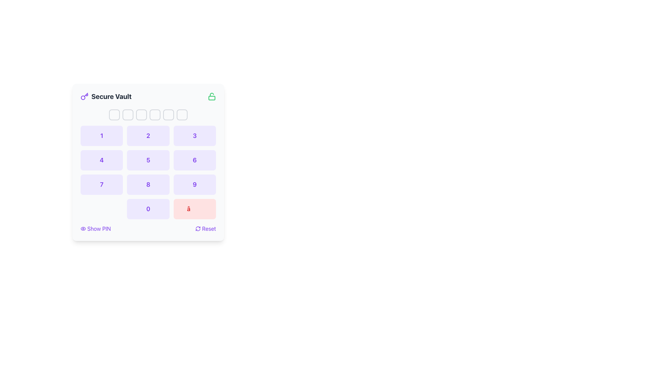 The width and height of the screenshot is (650, 366). Describe the element at coordinates (194, 136) in the screenshot. I see `the numeric keypad button that inputs '3', located in the first row, third column of the button grid` at that location.